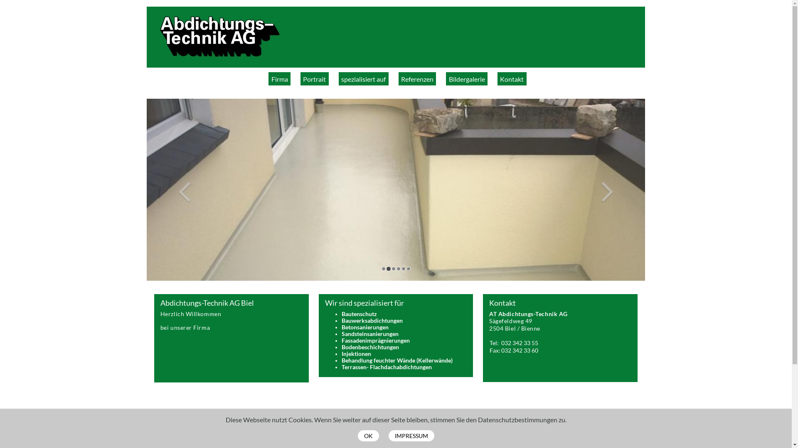 The height and width of the screenshot is (448, 798). Describe the element at coordinates (183, 190) in the screenshot. I see `'Previous'` at that location.